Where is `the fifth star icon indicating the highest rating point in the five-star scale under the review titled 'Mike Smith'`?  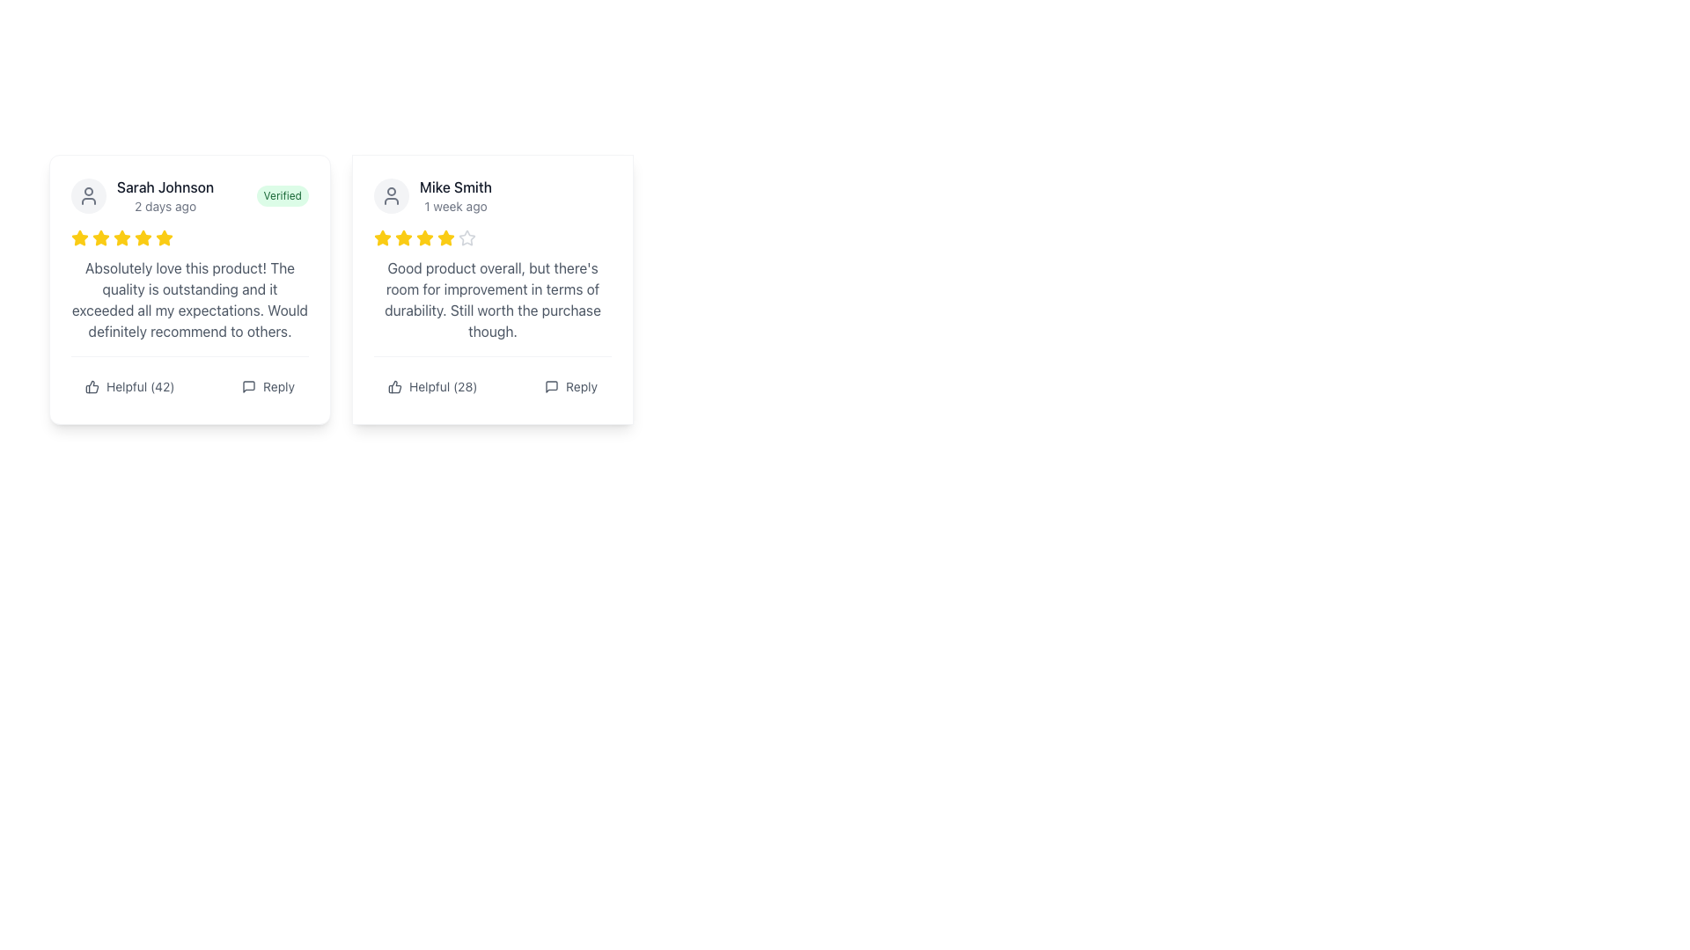 the fifth star icon indicating the highest rating point in the five-star scale under the review titled 'Mike Smith' is located at coordinates (467, 237).